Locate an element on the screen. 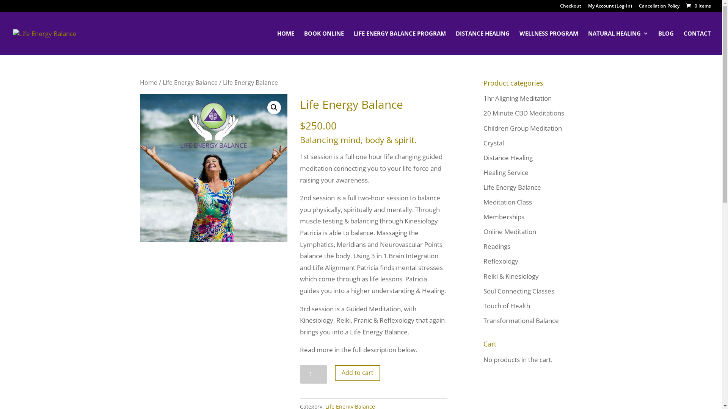 The image size is (728, 409). 'Life-Energy-Balance' is located at coordinates (213, 167).